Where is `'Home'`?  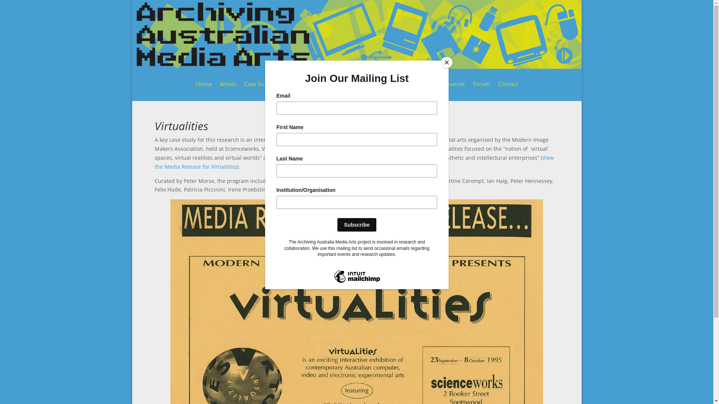
'Home' is located at coordinates (203, 89).